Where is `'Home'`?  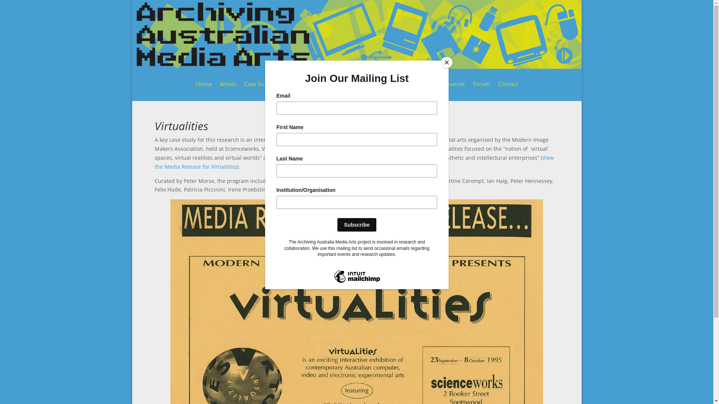
'Home' is located at coordinates (203, 89).